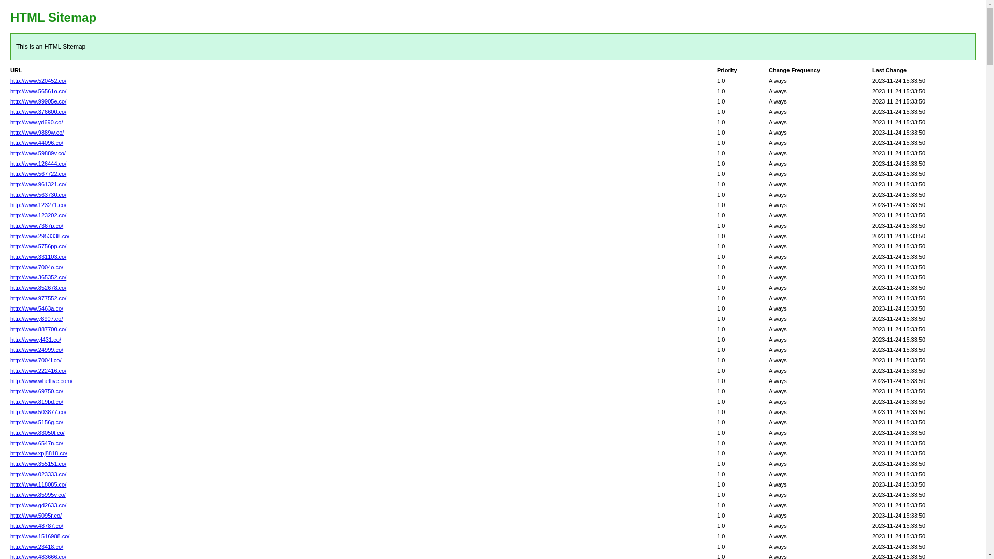 The width and height of the screenshot is (994, 559). Describe the element at coordinates (38, 256) in the screenshot. I see `'http://www.331103.co/'` at that location.